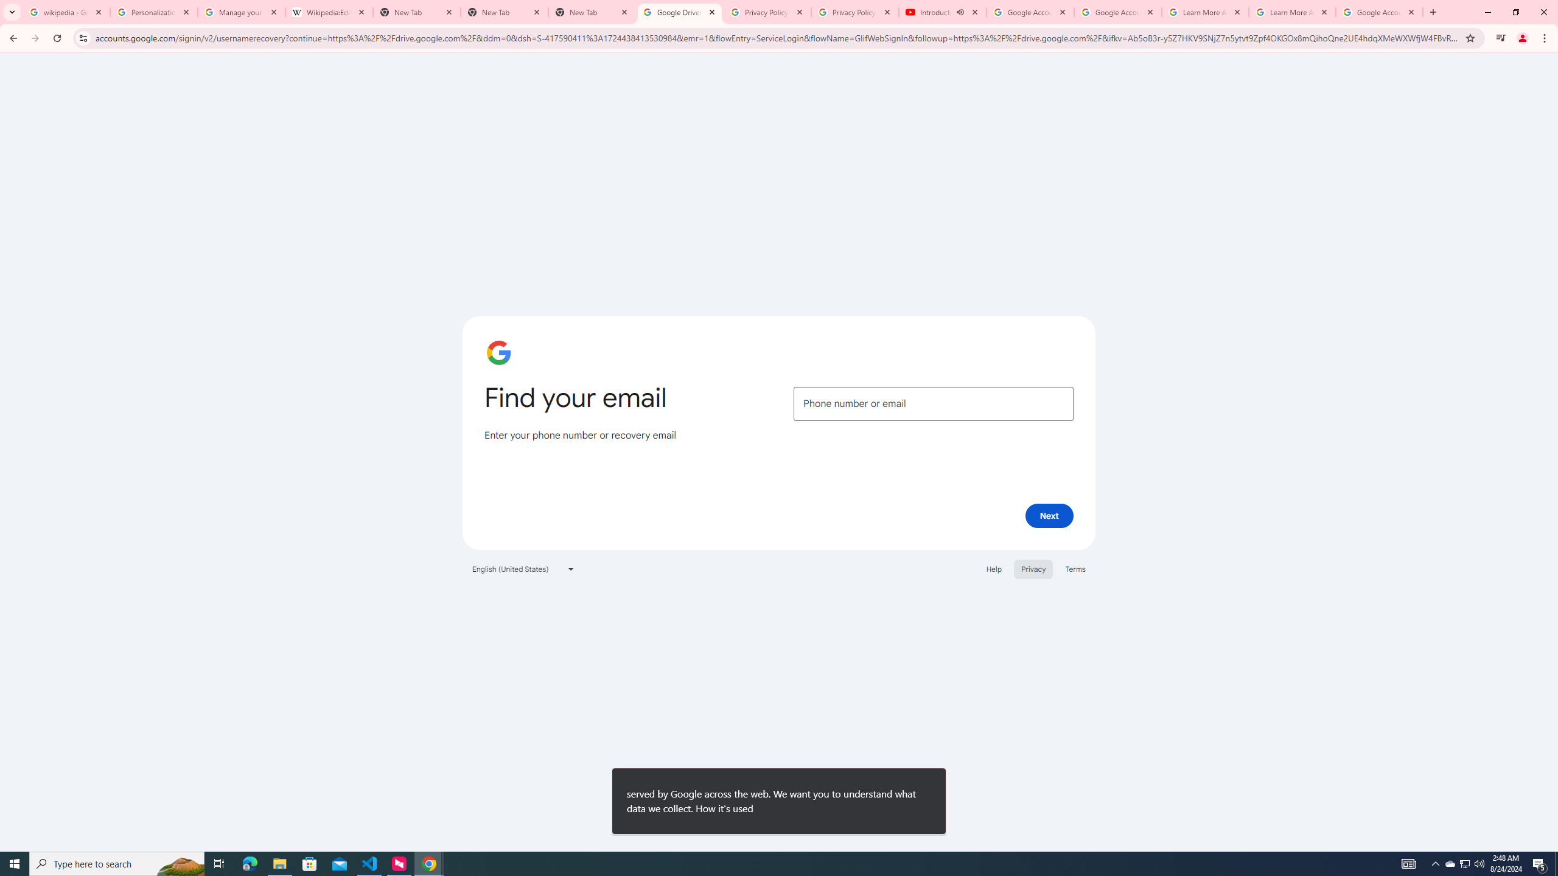 Image resolution: width=1558 pixels, height=876 pixels. Describe the element at coordinates (591, 12) in the screenshot. I see `'New Tab'` at that location.